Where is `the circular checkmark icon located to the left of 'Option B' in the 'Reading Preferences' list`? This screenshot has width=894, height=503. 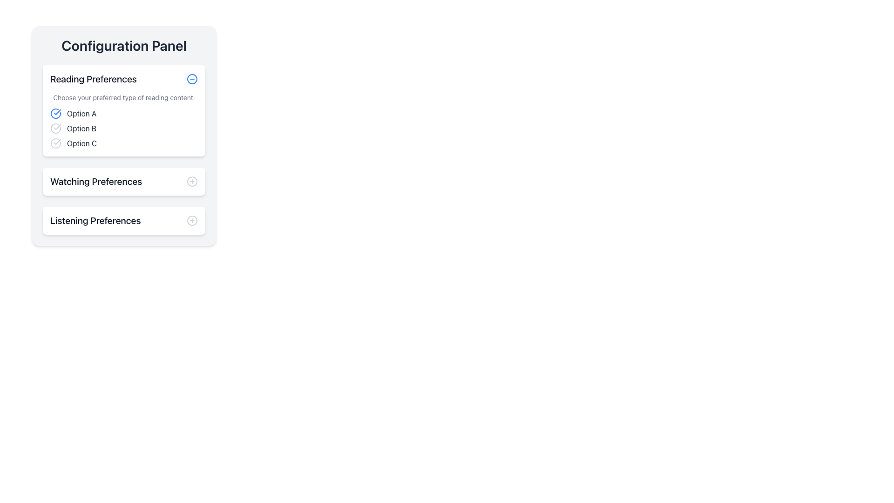 the circular checkmark icon located to the left of 'Option B' in the 'Reading Preferences' list is located at coordinates (55, 129).